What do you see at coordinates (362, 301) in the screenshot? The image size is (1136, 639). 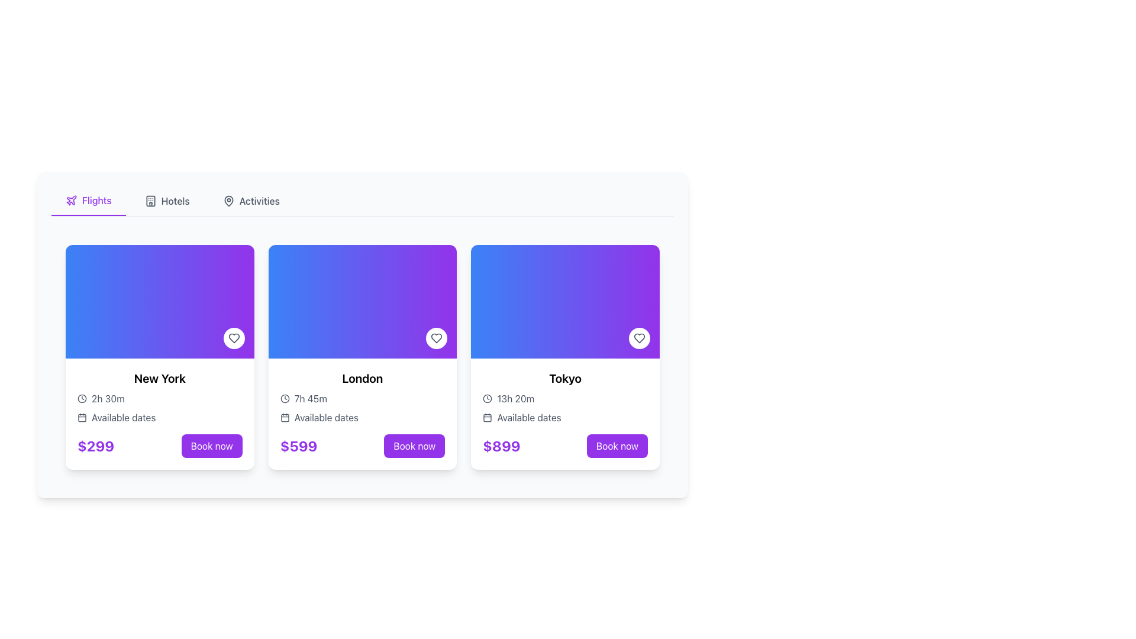 I see `the Decorative background section located at the top of the 'London' card, which enhances its visual appeal` at bounding box center [362, 301].